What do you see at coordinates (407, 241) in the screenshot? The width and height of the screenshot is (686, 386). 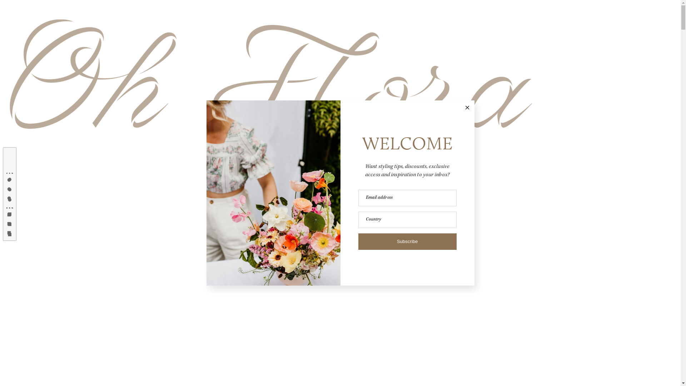 I see `'Subscribe'` at bounding box center [407, 241].